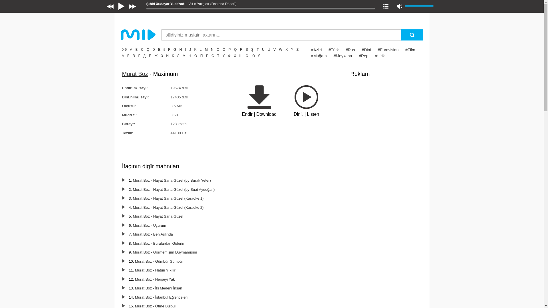 This screenshot has height=308, width=548. What do you see at coordinates (206, 49) in the screenshot?
I see `'M'` at bounding box center [206, 49].